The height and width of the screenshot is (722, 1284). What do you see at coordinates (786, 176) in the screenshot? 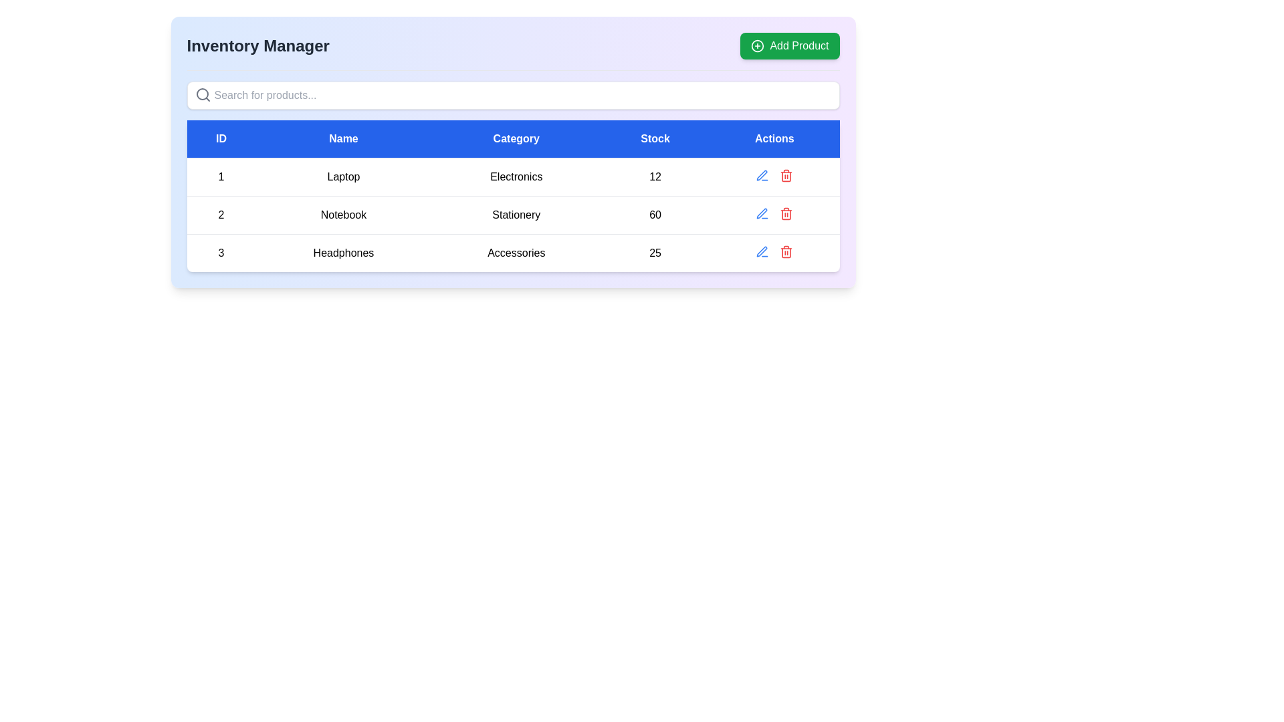
I see `the trash can icon in the Actions column of the data table` at bounding box center [786, 176].